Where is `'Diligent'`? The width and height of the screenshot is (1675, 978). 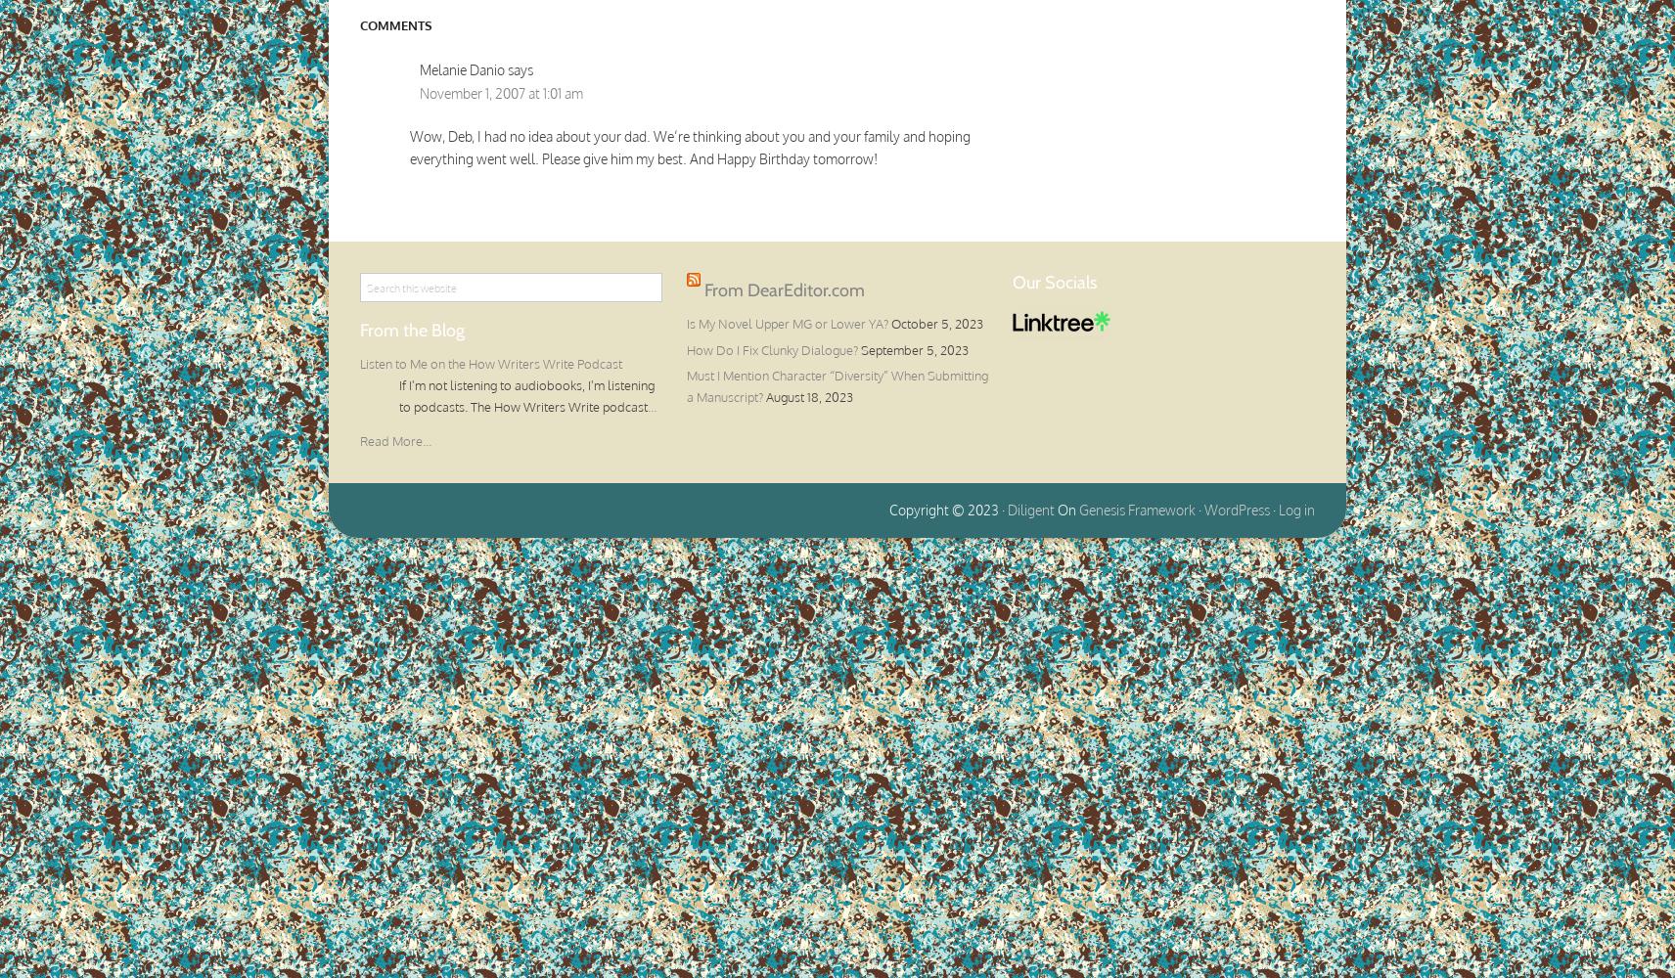 'Diligent' is located at coordinates (1030, 510).